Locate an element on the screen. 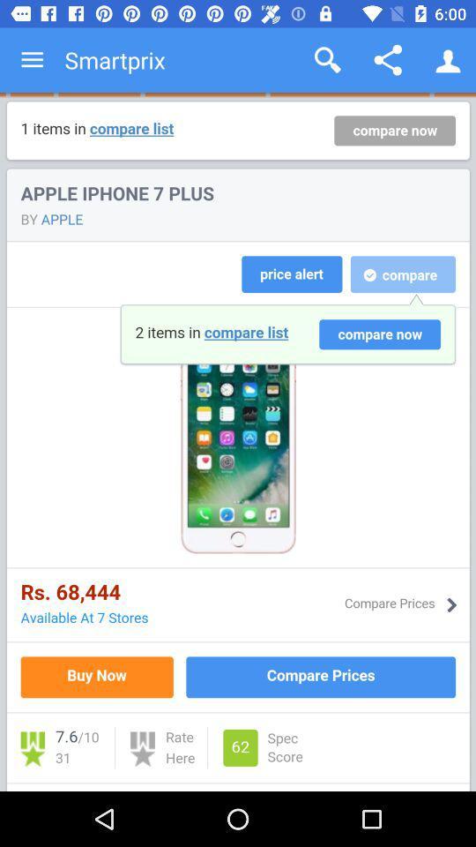 The width and height of the screenshot is (476, 847). advertisement is located at coordinates (238, 441).